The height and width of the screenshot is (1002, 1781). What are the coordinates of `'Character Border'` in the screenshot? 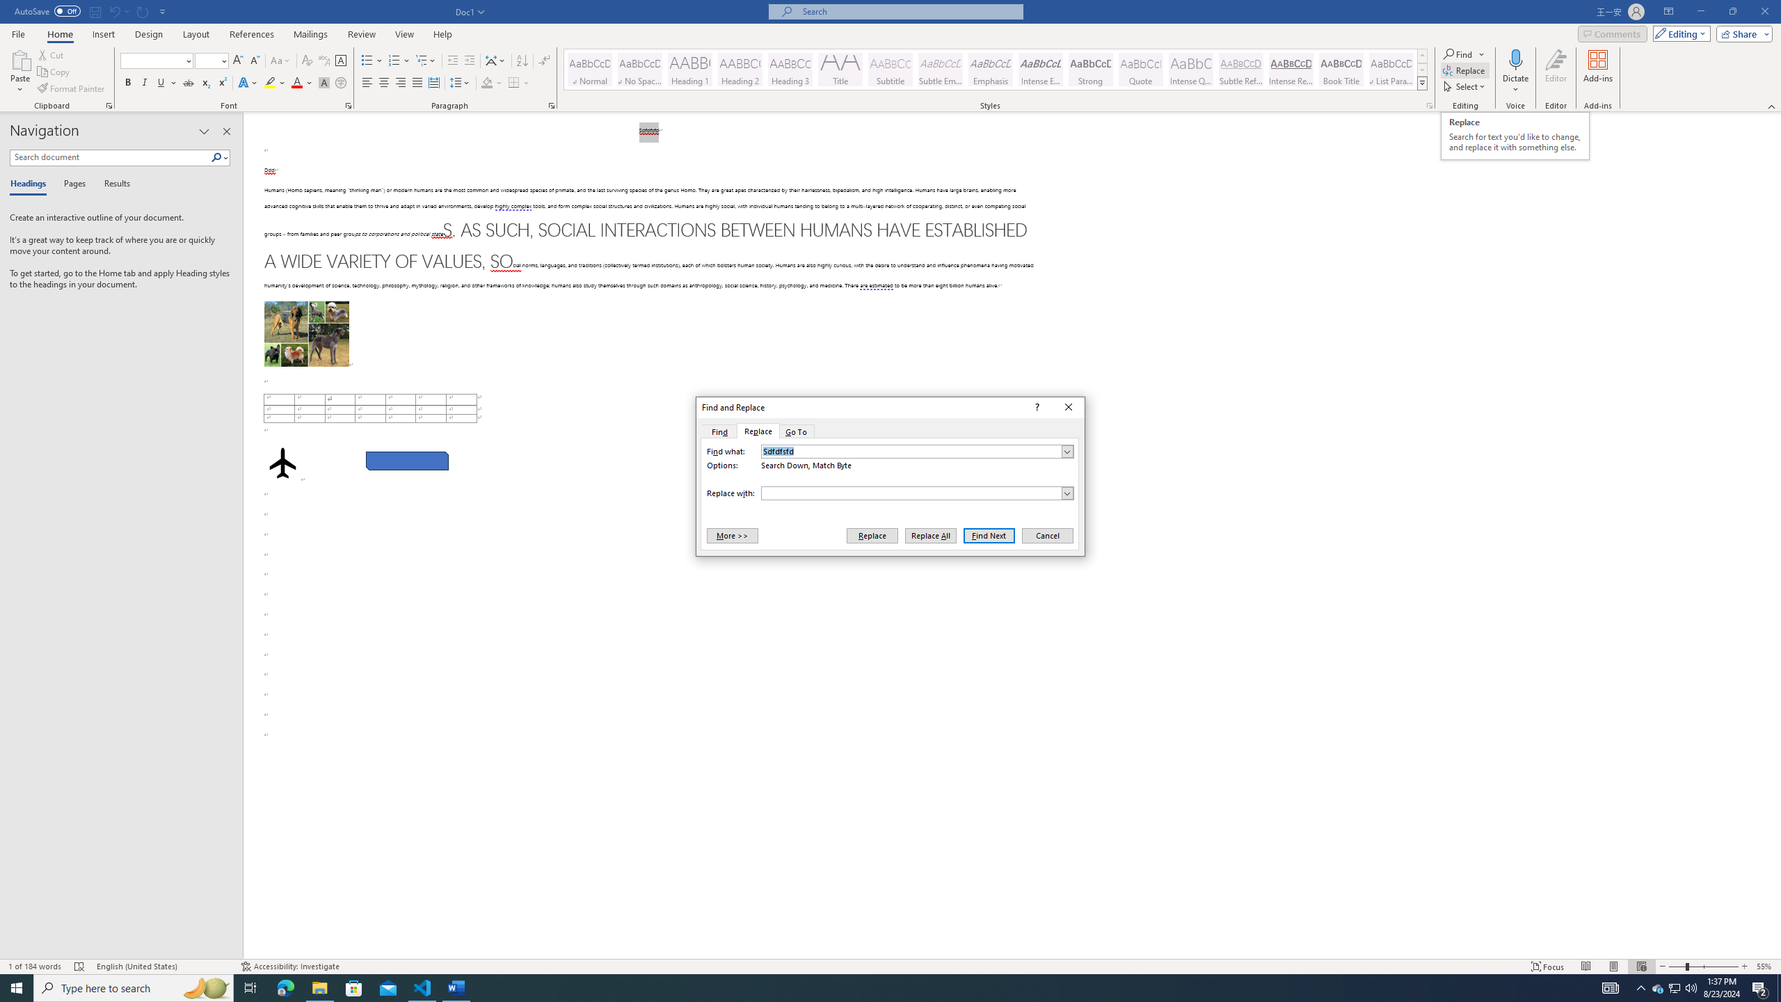 It's located at (340, 61).